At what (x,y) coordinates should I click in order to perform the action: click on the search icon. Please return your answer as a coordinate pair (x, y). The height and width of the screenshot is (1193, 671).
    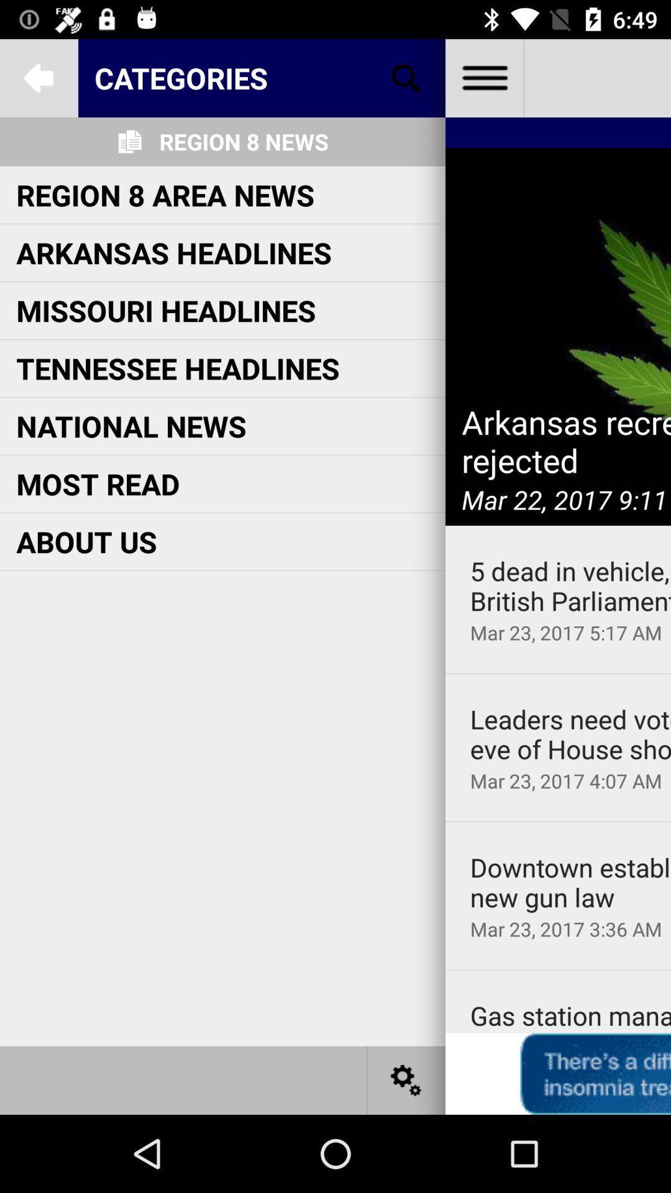
    Looking at the image, I should click on (406, 77).